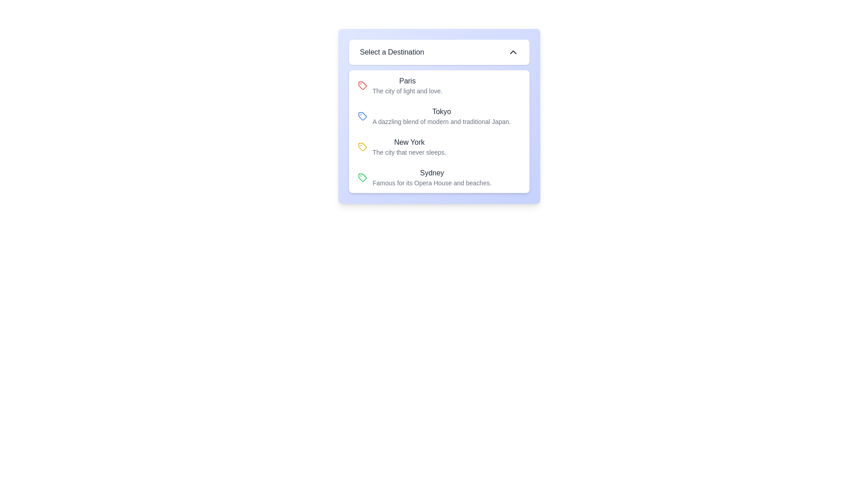  What do you see at coordinates (431, 177) in the screenshot?
I see `the text label displaying 'Sydney' with a secondary line about its Opera House and beaches, which is the fourth item in a vertical list of destinations within a dropdown selection` at bounding box center [431, 177].